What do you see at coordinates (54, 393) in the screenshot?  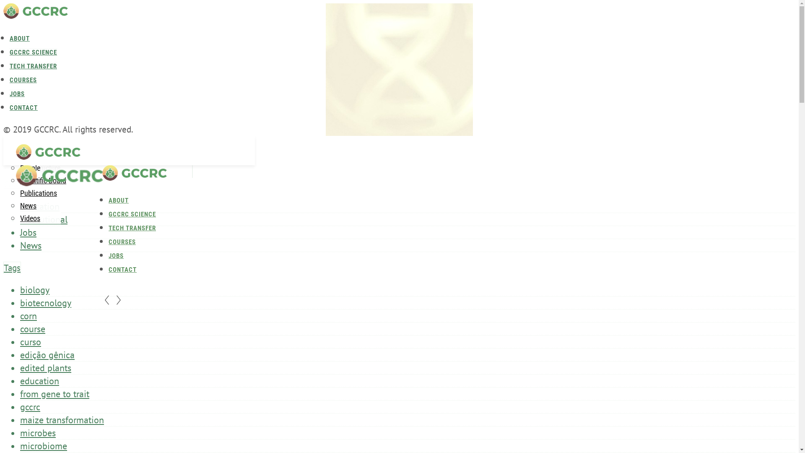 I see `'from gene to trait'` at bounding box center [54, 393].